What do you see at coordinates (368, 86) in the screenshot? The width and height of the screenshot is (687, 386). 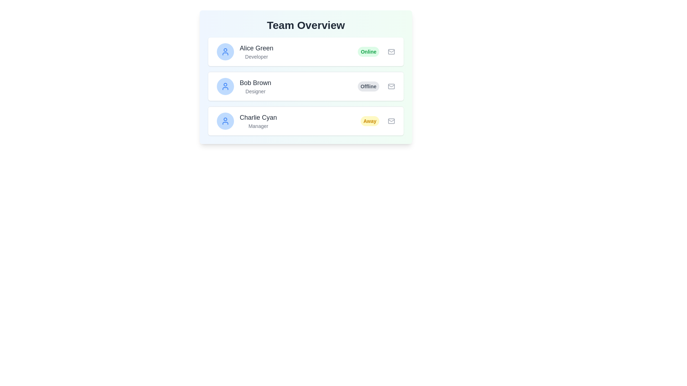 I see `the Status badge displaying 'Offline' for user 'Bob Brown' in the Team Overview section` at bounding box center [368, 86].